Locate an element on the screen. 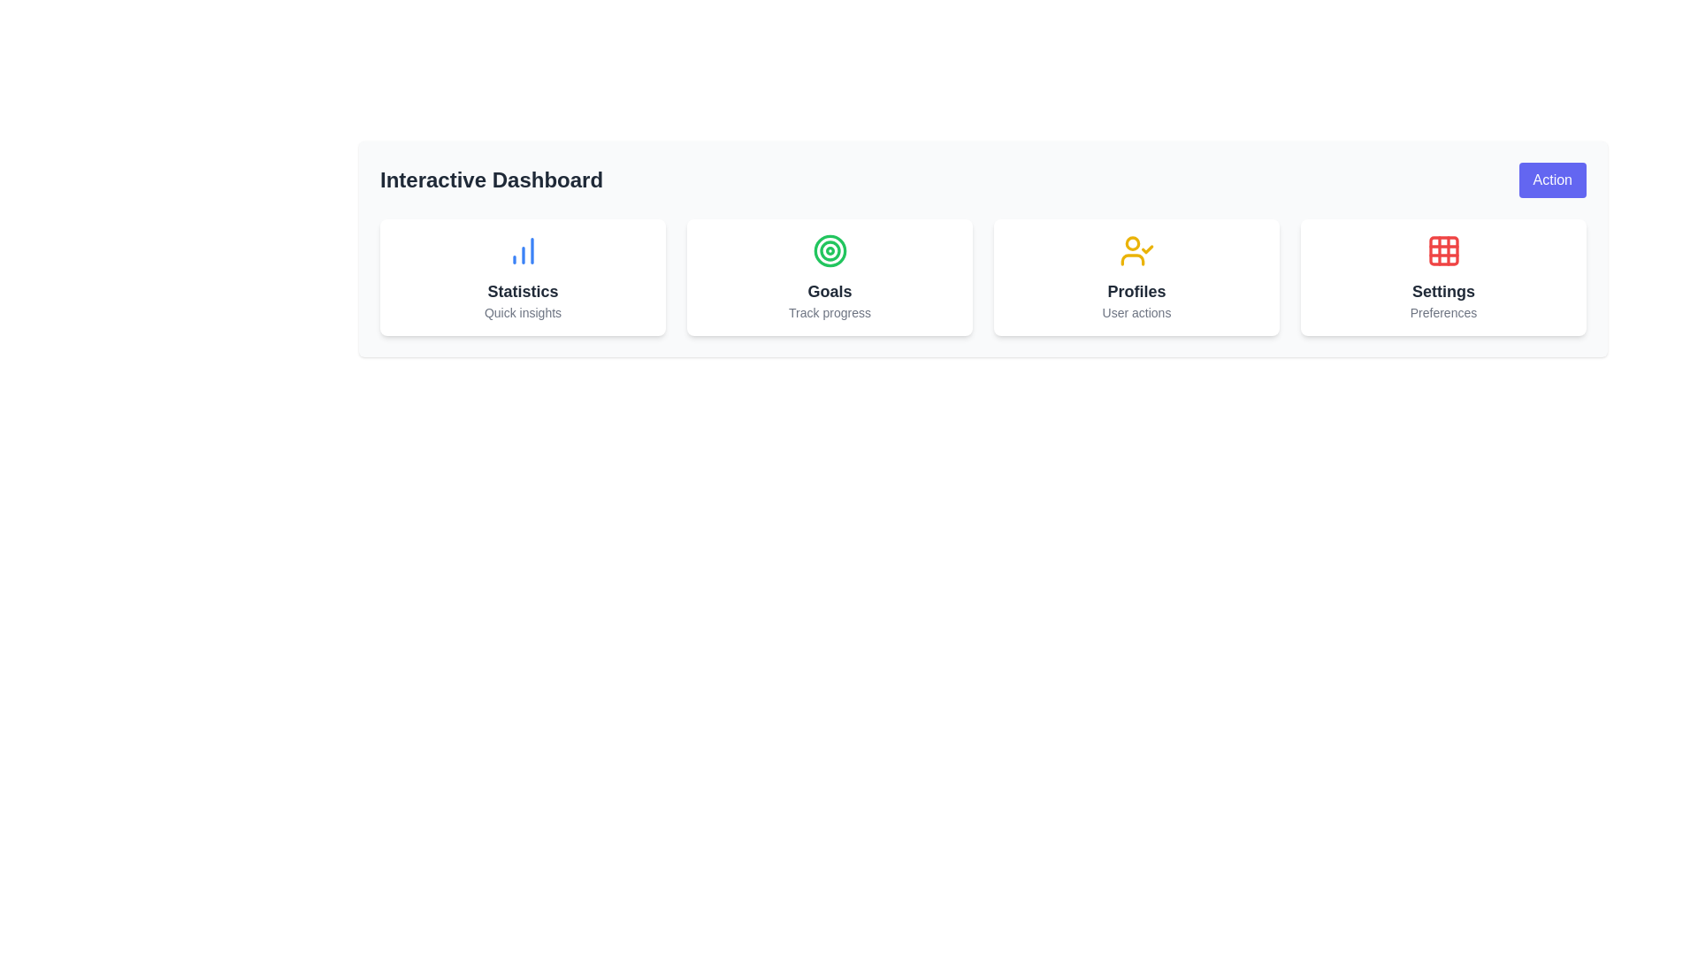 This screenshot has width=1698, height=955. the leftmost white rectangular card with a blue bar chart icon at the top, labeled 'Statistics' in bold black text, and 'Quick insights' in smaller gray text is located at coordinates (522, 277).